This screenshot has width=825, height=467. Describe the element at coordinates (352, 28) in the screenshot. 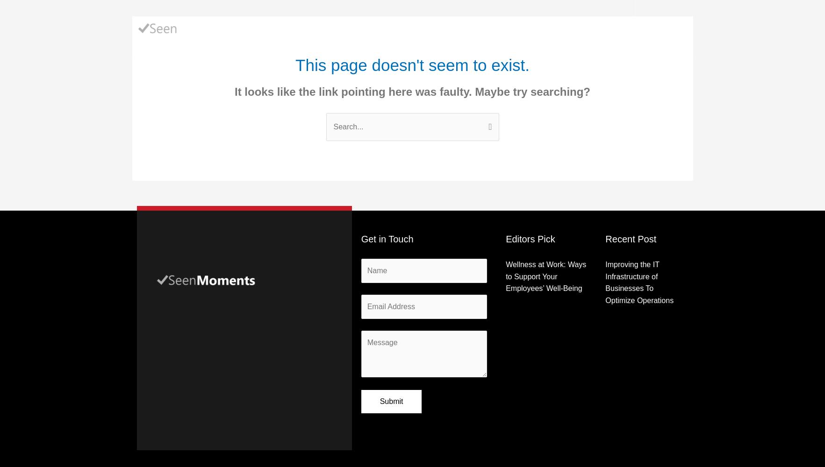

I see `'Business'` at that location.